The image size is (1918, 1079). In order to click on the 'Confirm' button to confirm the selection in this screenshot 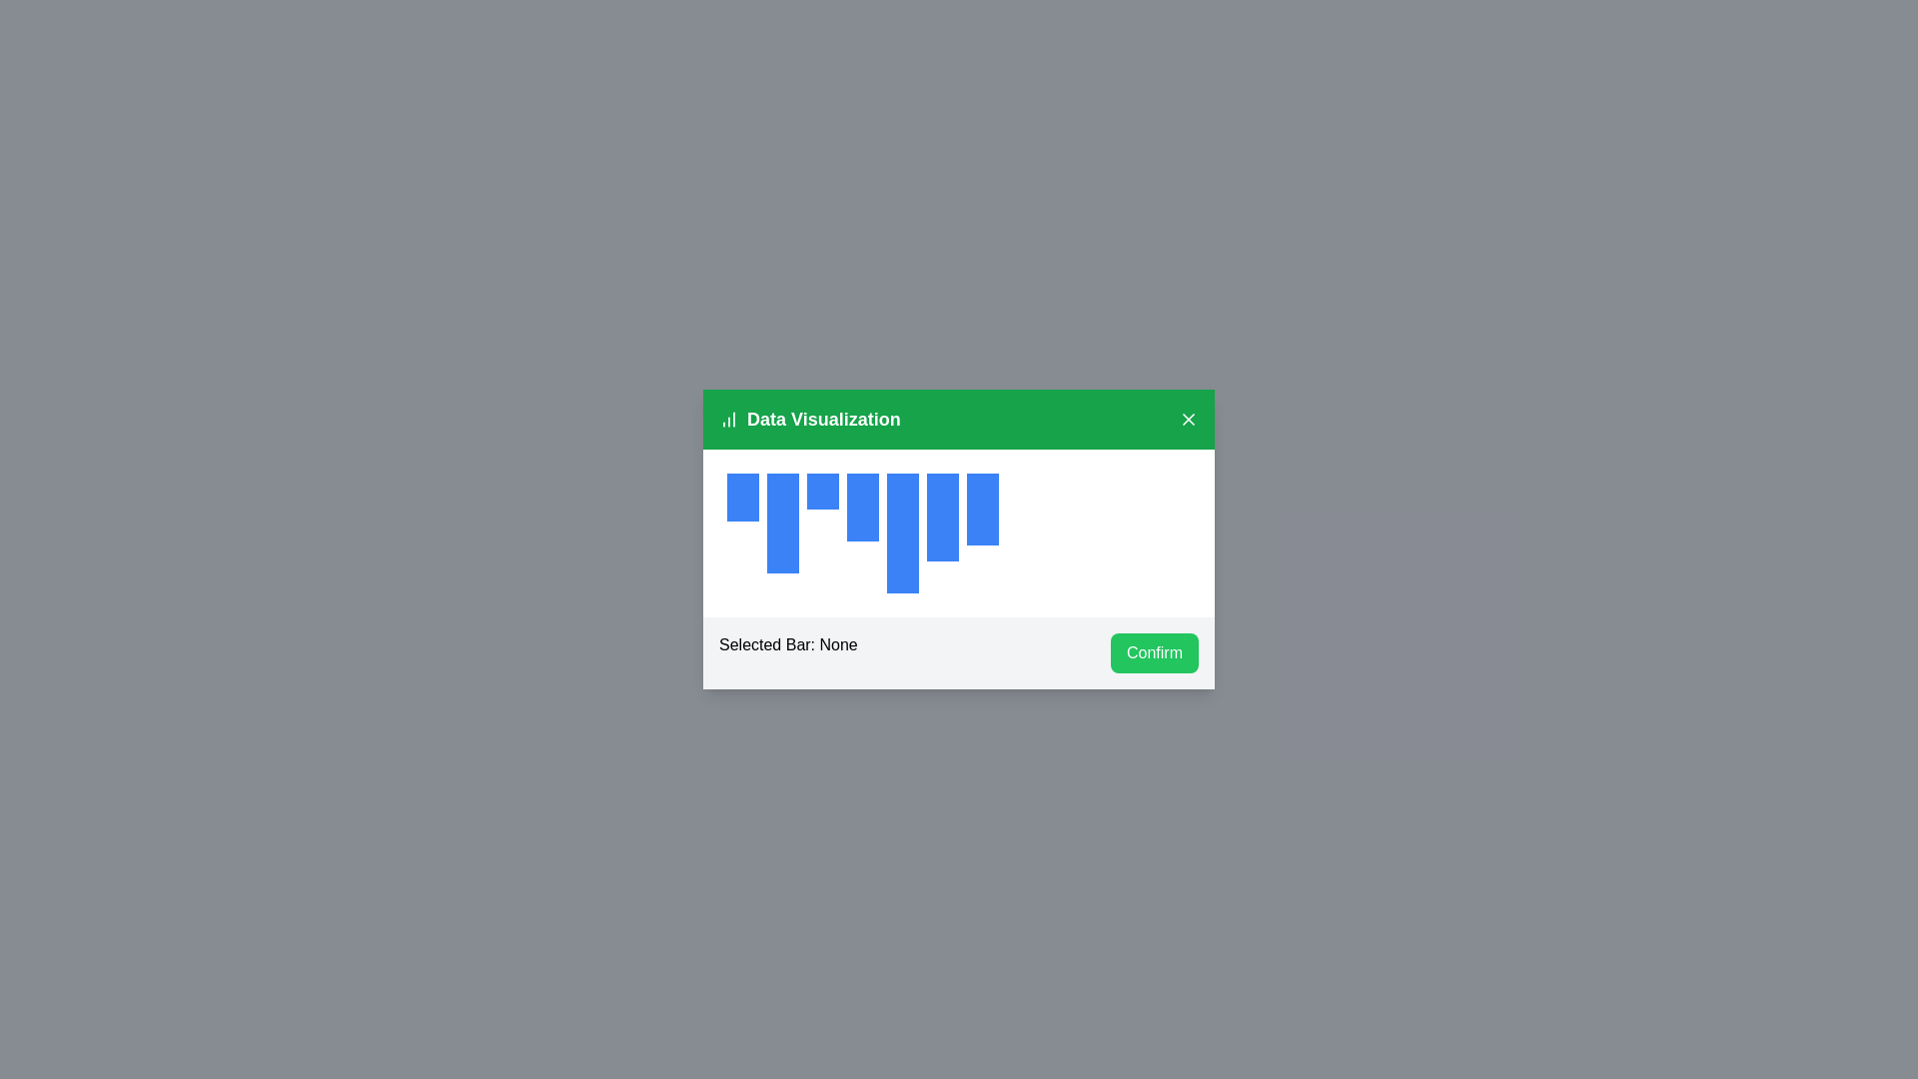, I will do `click(1155, 653)`.